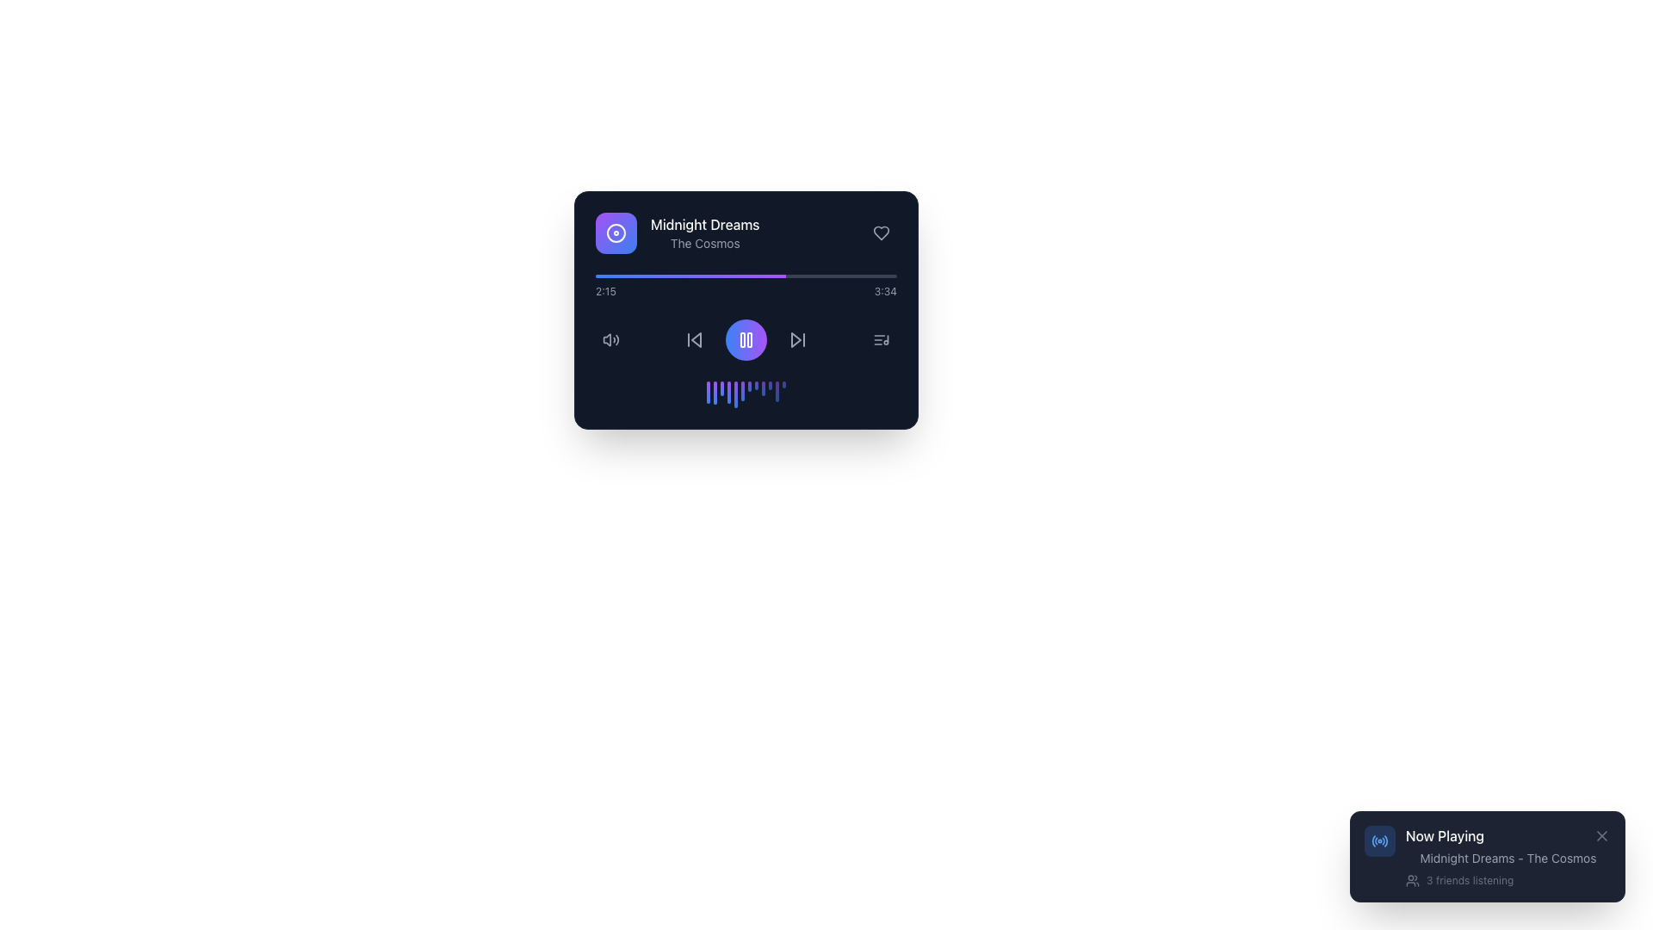 Image resolution: width=1653 pixels, height=930 pixels. What do you see at coordinates (746, 339) in the screenshot?
I see `the central control button for pausing or resuming playback, indicated by the pause icon, located at the center of a row of controls` at bounding box center [746, 339].